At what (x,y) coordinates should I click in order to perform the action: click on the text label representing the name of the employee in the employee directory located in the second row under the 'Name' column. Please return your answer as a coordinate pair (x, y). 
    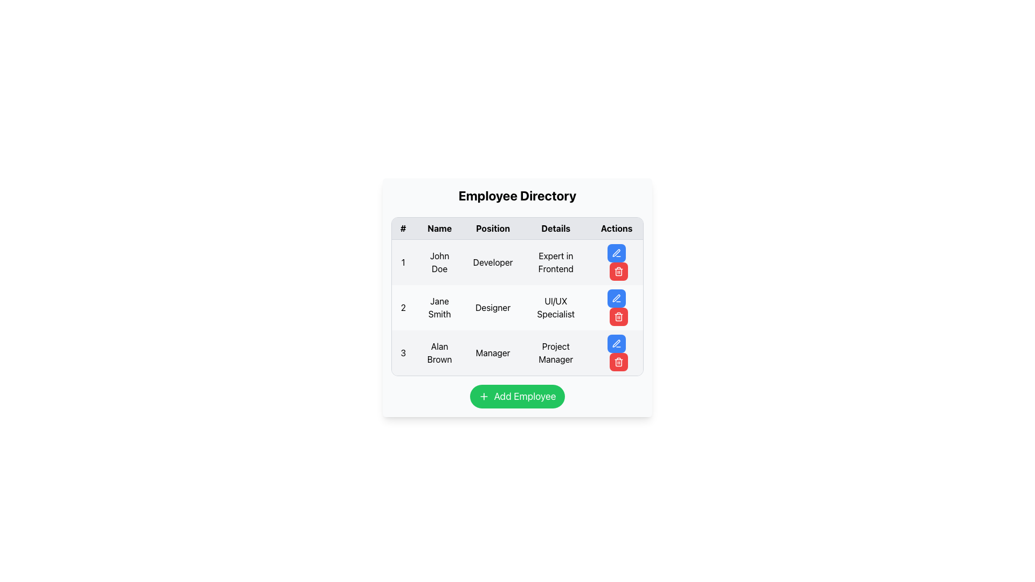
    Looking at the image, I should click on (439, 307).